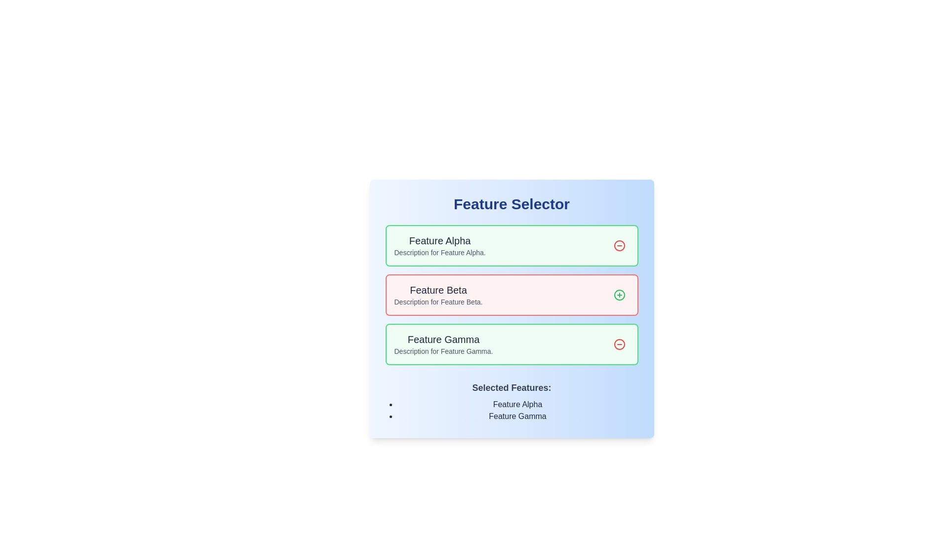 This screenshot has width=948, height=533. What do you see at coordinates (619, 344) in the screenshot?
I see `the circular icon button with a minus symbol, which has a red border, located on the utmost right side of the 'Feature Alpha' line item` at bounding box center [619, 344].